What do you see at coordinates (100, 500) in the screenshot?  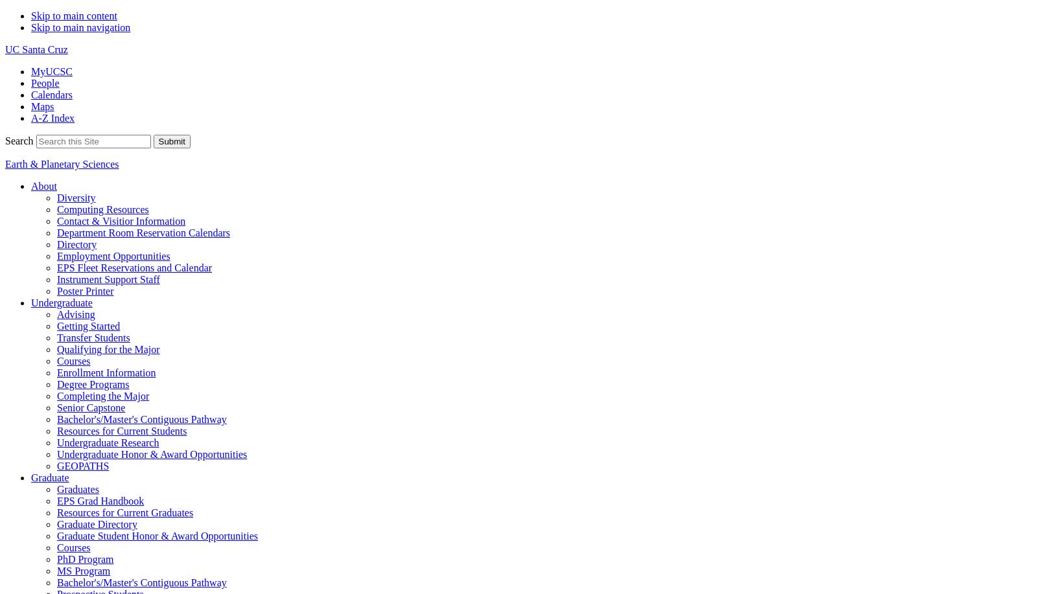 I see `'EPS Grad Handbook'` at bounding box center [100, 500].